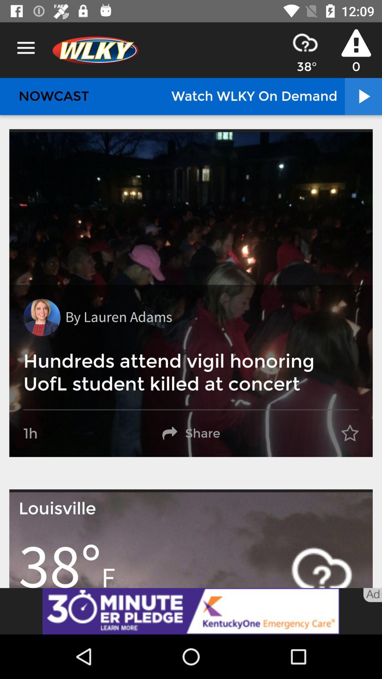  What do you see at coordinates (191, 611) in the screenshot?
I see `click the advertisement` at bounding box center [191, 611].